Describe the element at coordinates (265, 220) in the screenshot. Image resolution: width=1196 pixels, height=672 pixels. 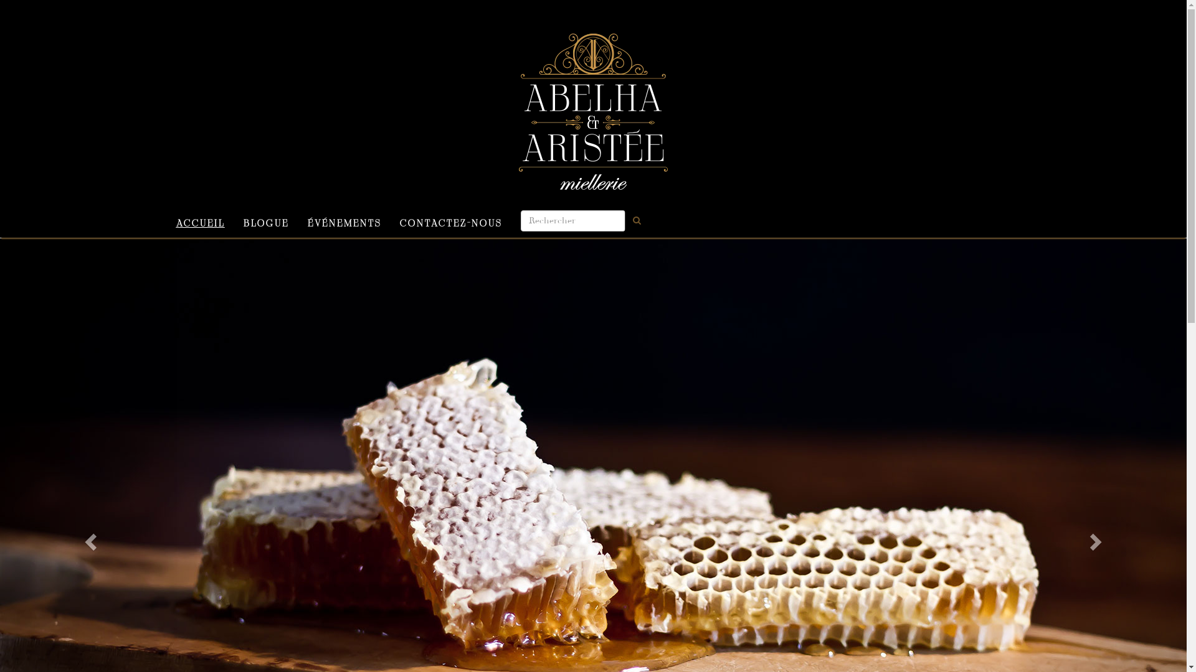
I see `'BLOGUE'` at that location.